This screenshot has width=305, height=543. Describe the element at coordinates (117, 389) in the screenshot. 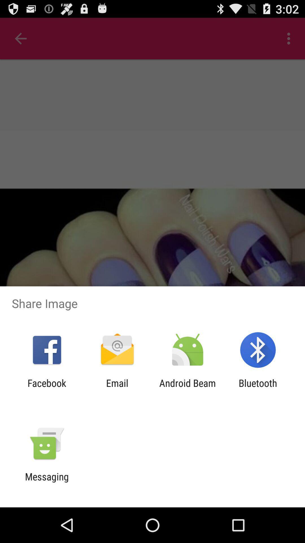

I see `item to the left of the android beam` at that location.